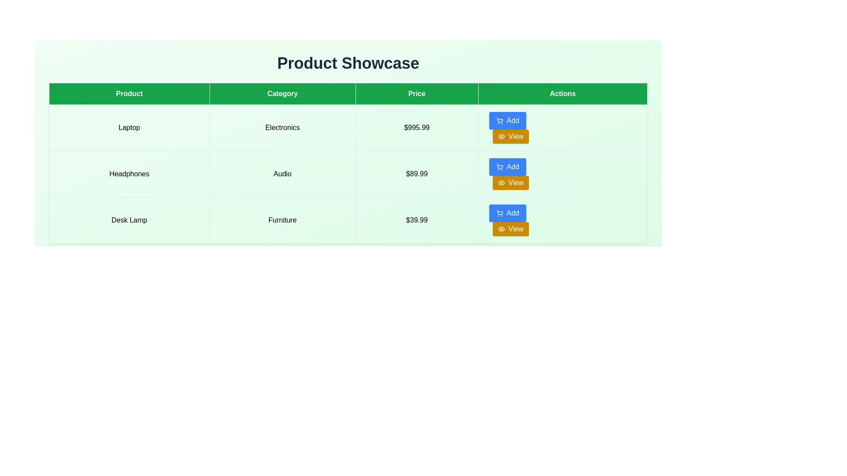 The height and width of the screenshot is (476, 847). Describe the element at coordinates (416, 220) in the screenshot. I see `the text label displaying '$39.99' in the third column of the last row in the table entitled 'Price'` at that location.